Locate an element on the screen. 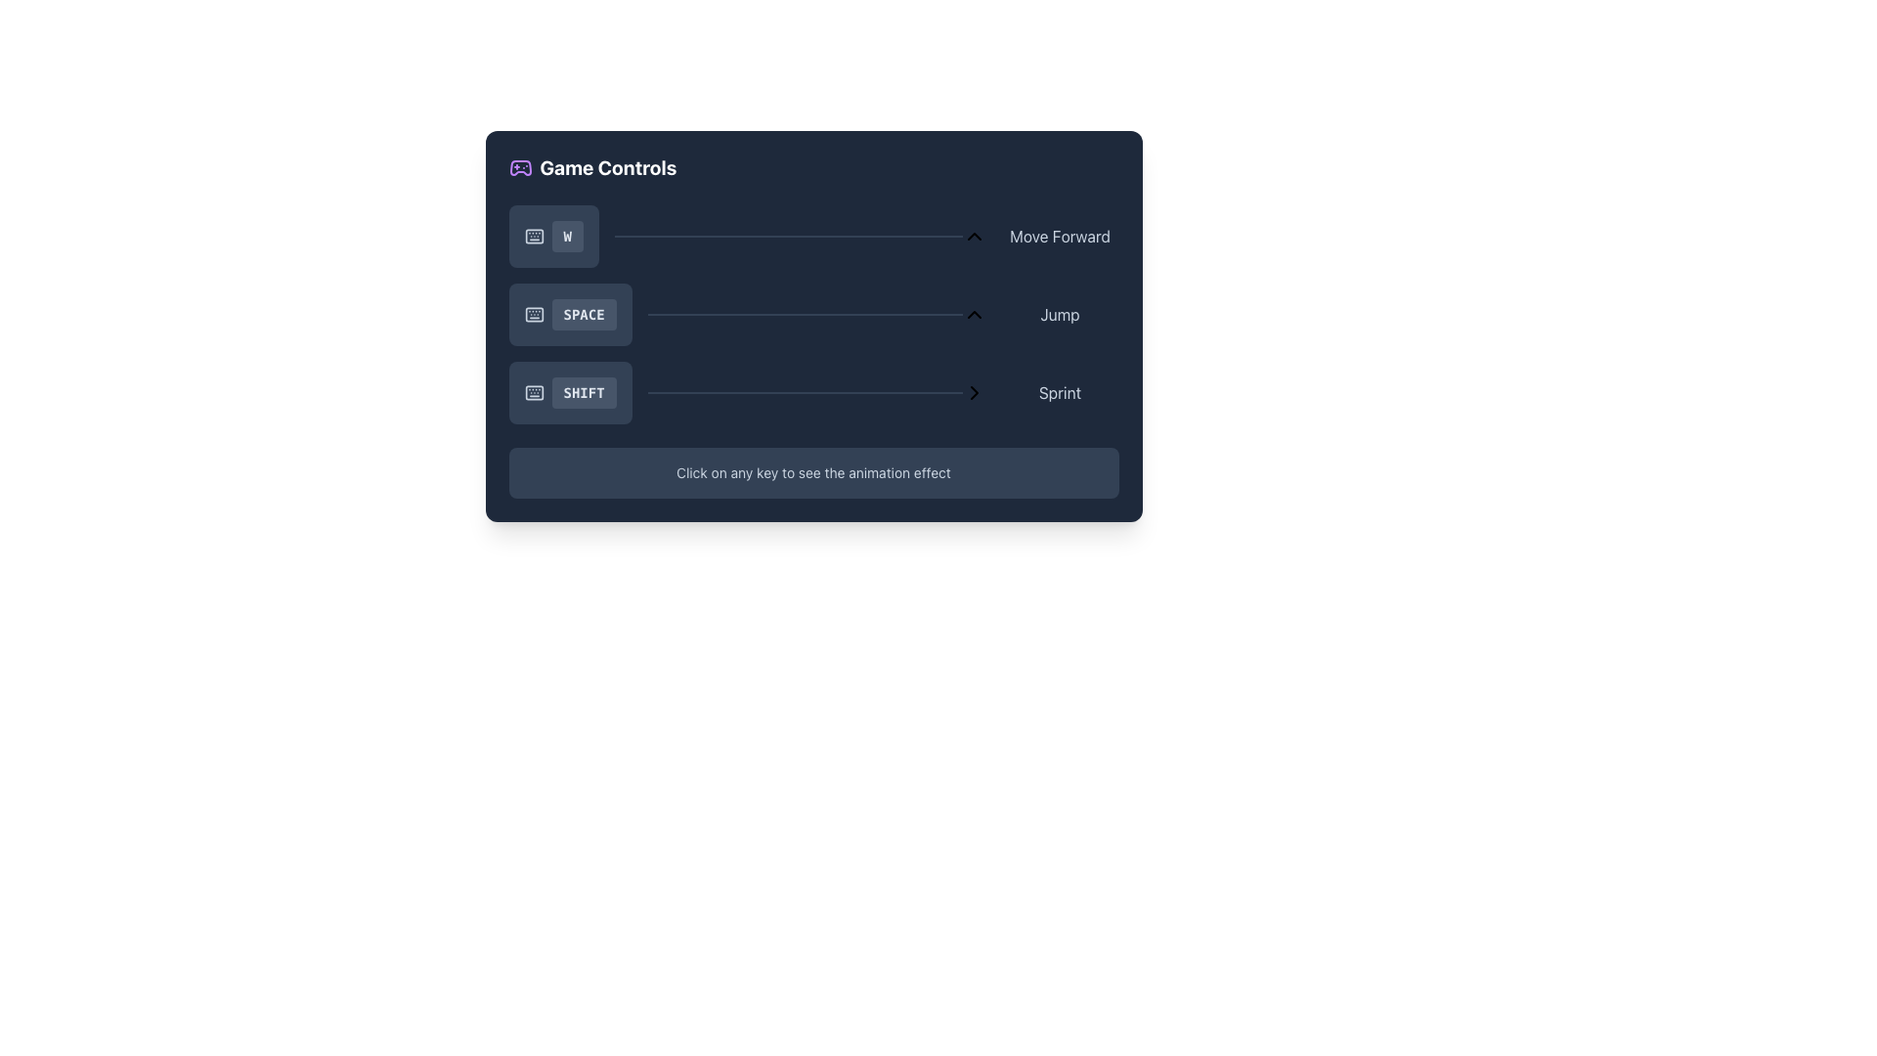 The height and width of the screenshot is (1056, 1877). the SVG icon resembling a keyboard that is light gray in color and located to the left of the 'SPACE' text label in the second row of controls is located at coordinates (534, 313).